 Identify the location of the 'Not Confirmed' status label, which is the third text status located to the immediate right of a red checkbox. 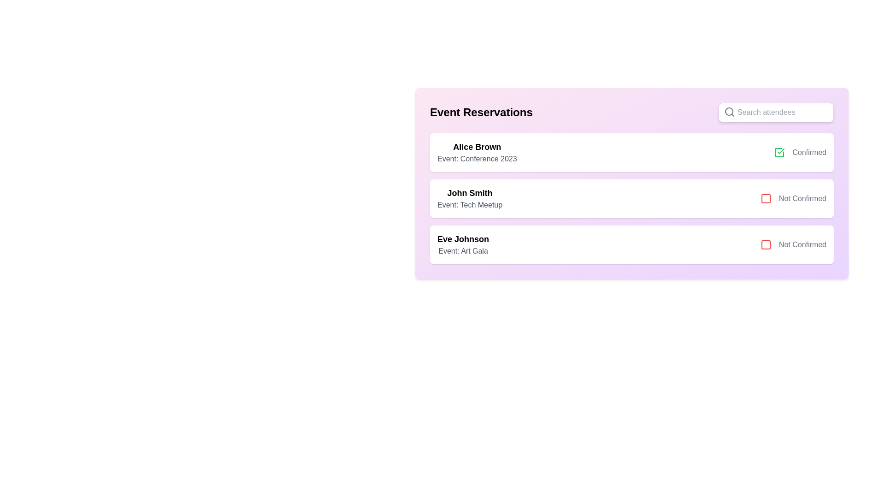
(802, 244).